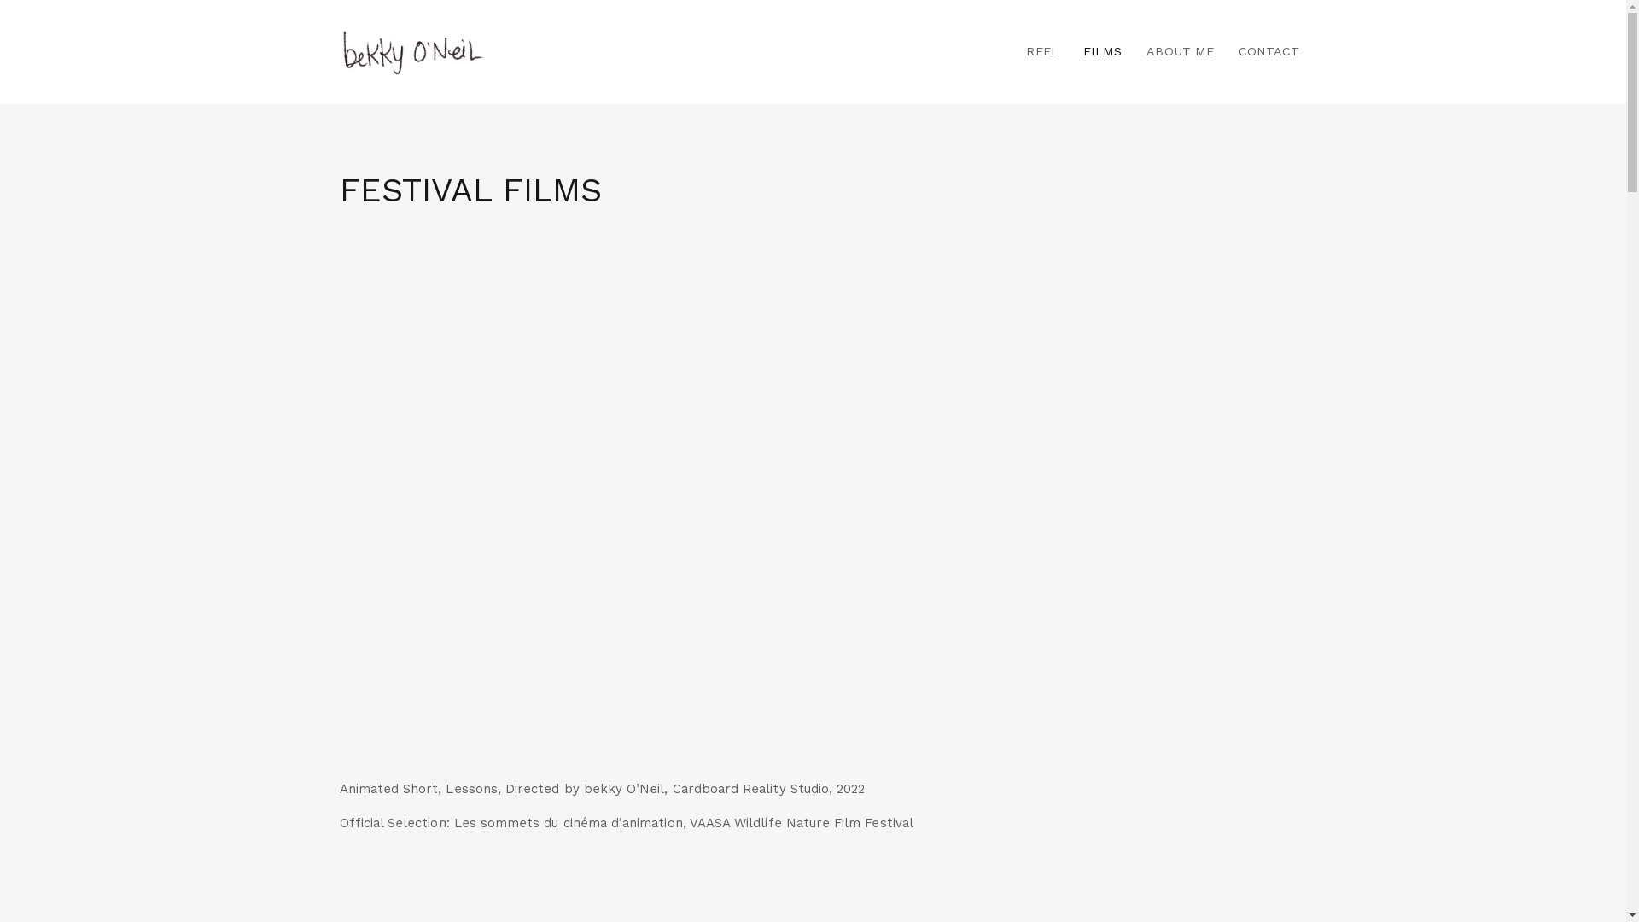  What do you see at coordinates (1134, 51) in the screenshot?
I see `'ABOUT ME'` at bounding box center [1134, 51].